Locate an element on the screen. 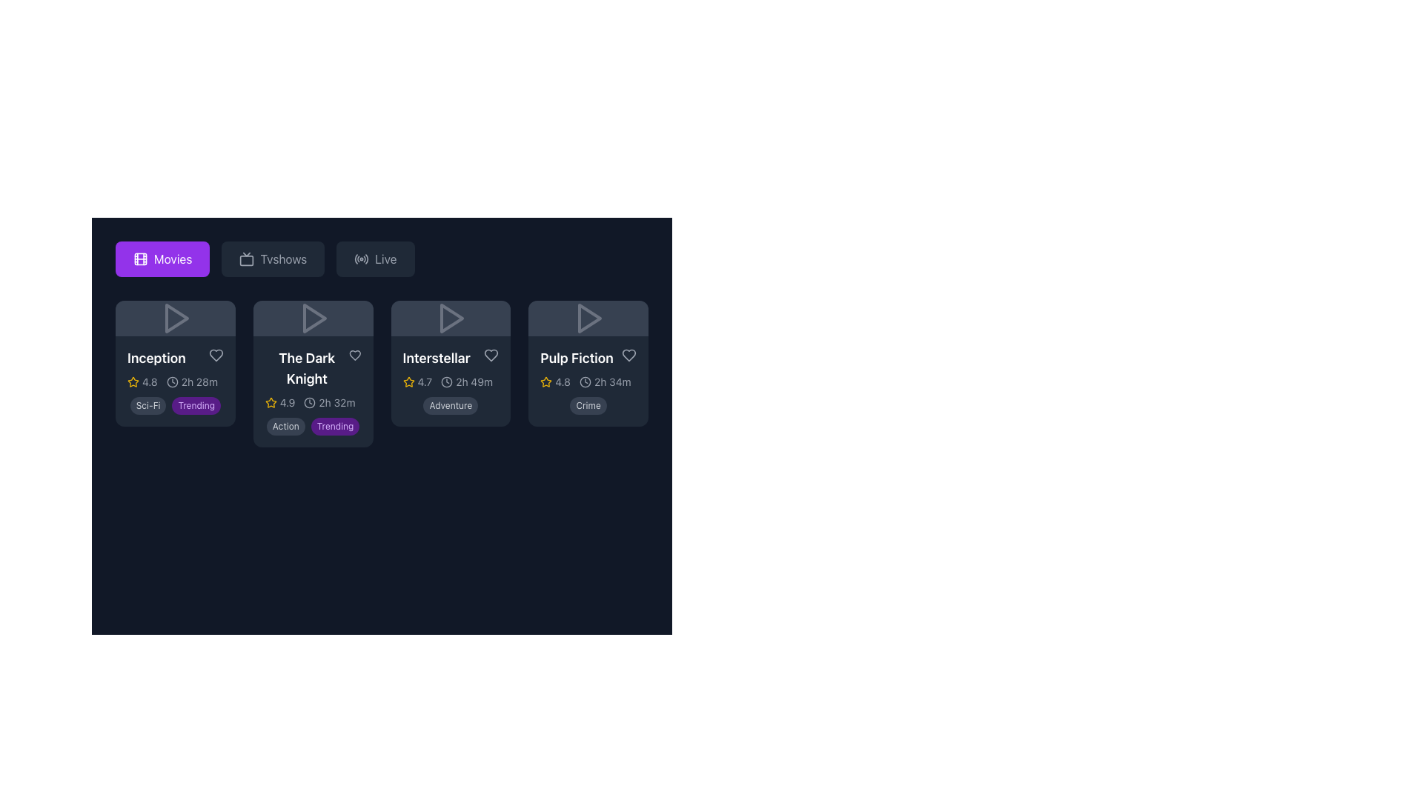 The image size is (1423, 800). the heart icon button located at the top-right corner of 'The Dark Knight' card is located at coordinates (354, 355).